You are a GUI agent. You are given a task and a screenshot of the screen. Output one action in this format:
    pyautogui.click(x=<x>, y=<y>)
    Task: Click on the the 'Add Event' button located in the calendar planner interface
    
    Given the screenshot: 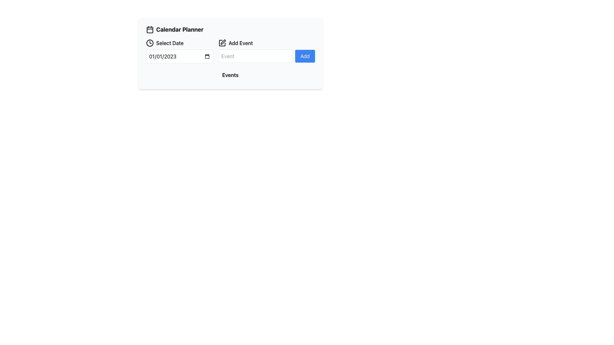 What is the action you would take?
    pyautogui.click(x=305, y=56)
    